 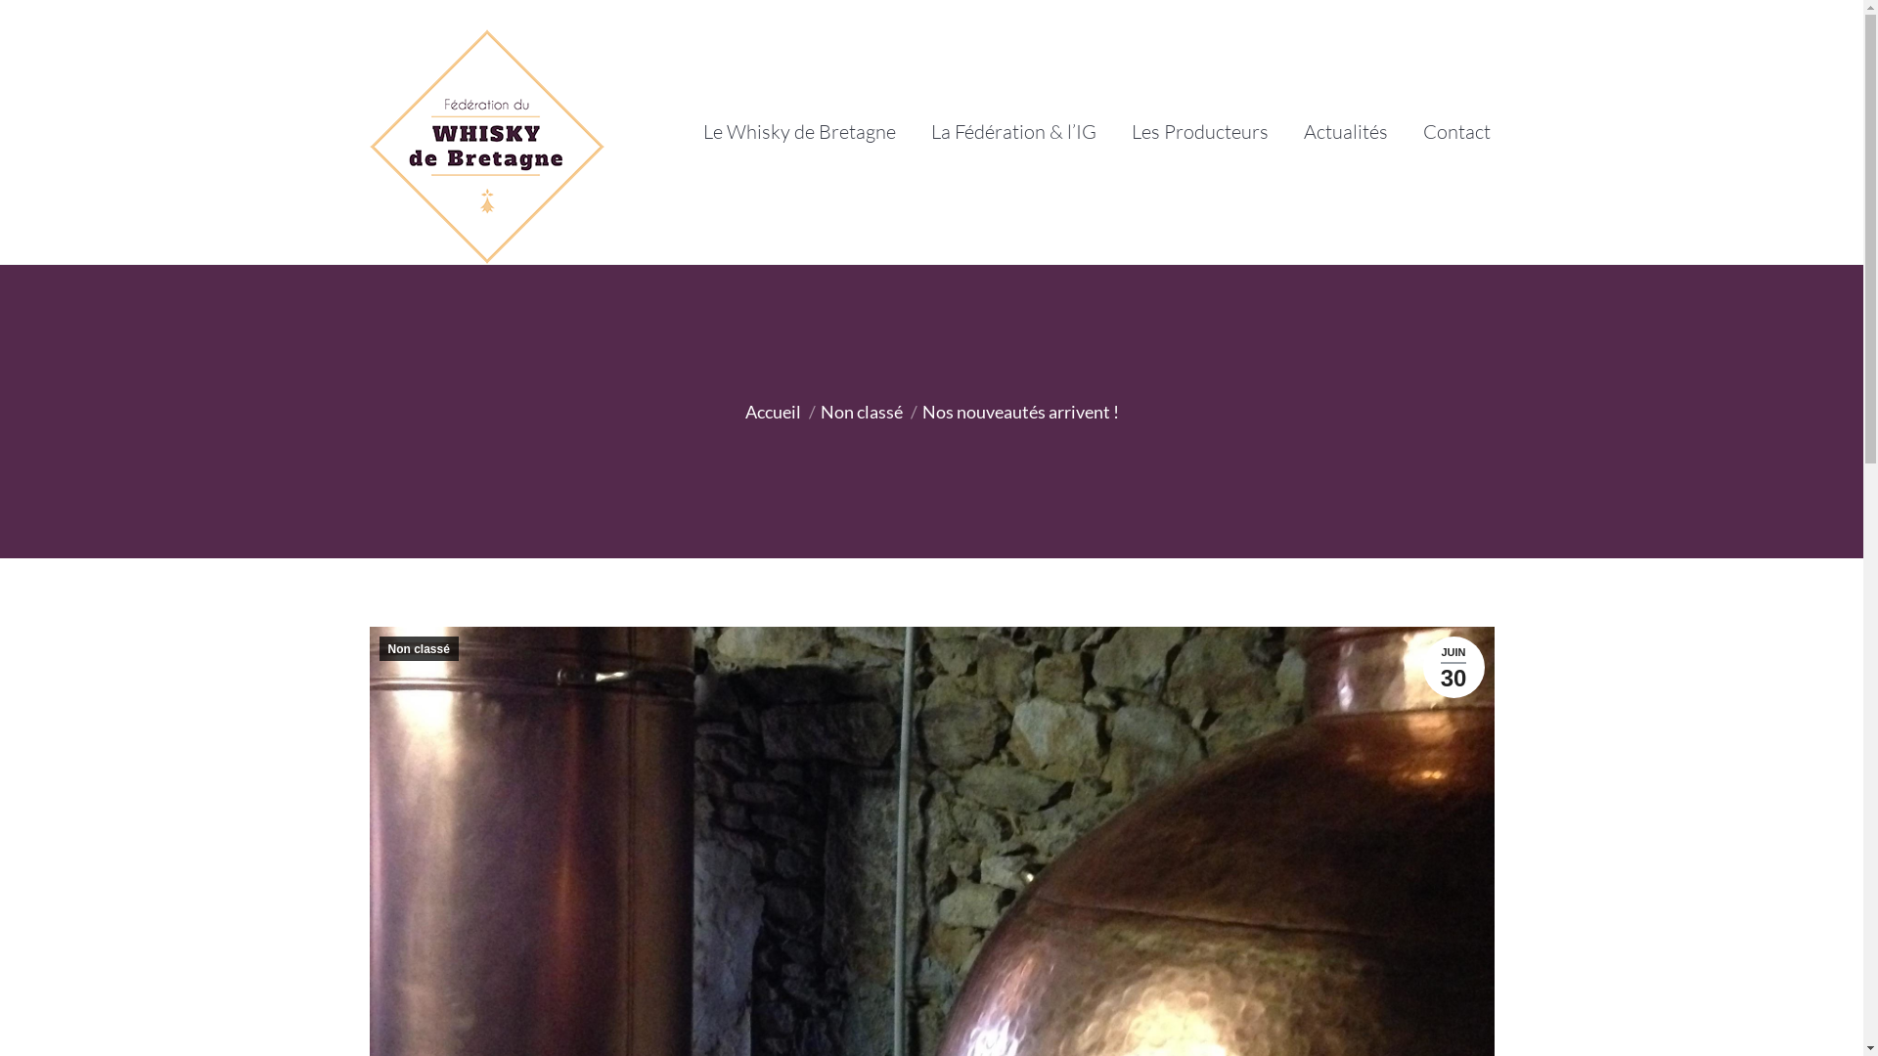 What do you see at coordinates (772, 410) in the screenshot?
I see `'Accueil'` at bounding box center [772, 410].